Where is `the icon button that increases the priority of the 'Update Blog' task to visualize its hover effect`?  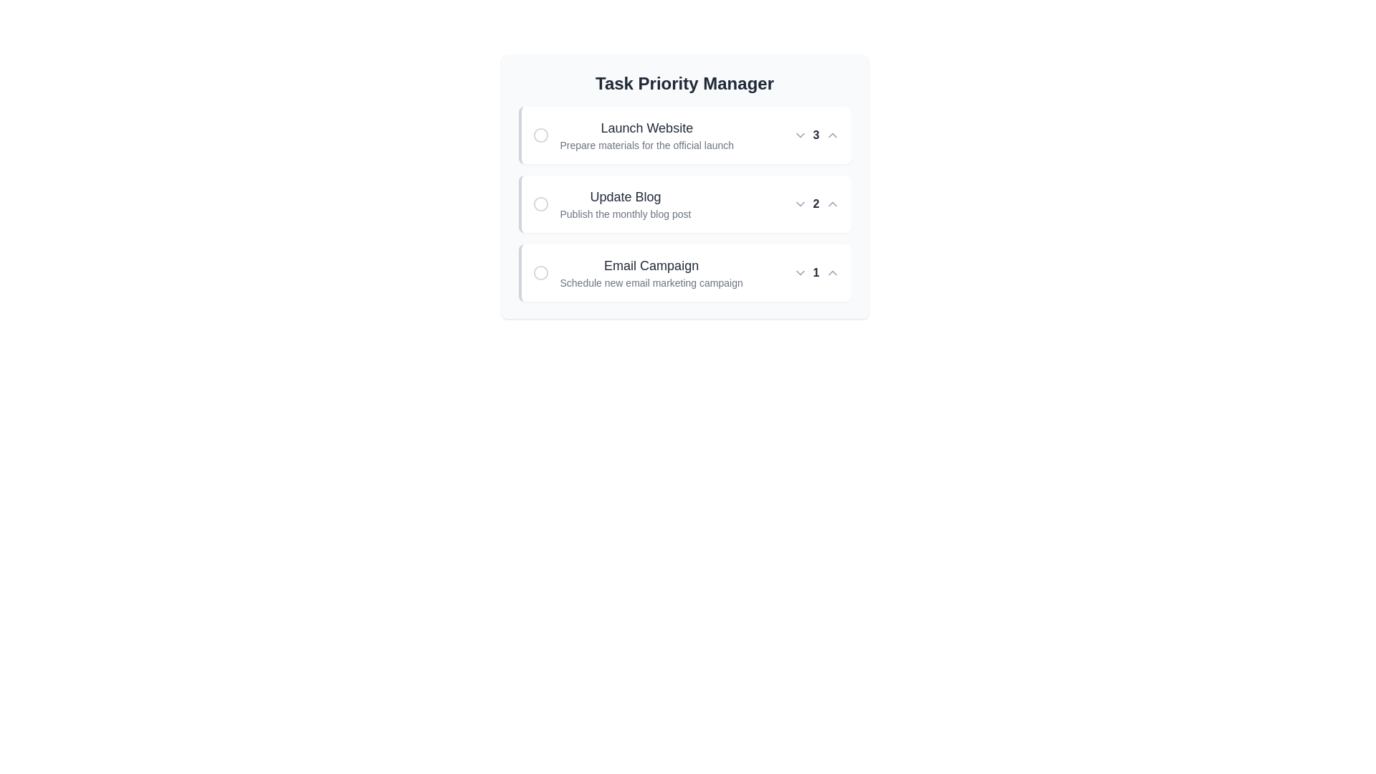
the icon button that increases the priority of the 'Update Blog' task to visualize its hover effect is located at coordinates (832, 204).